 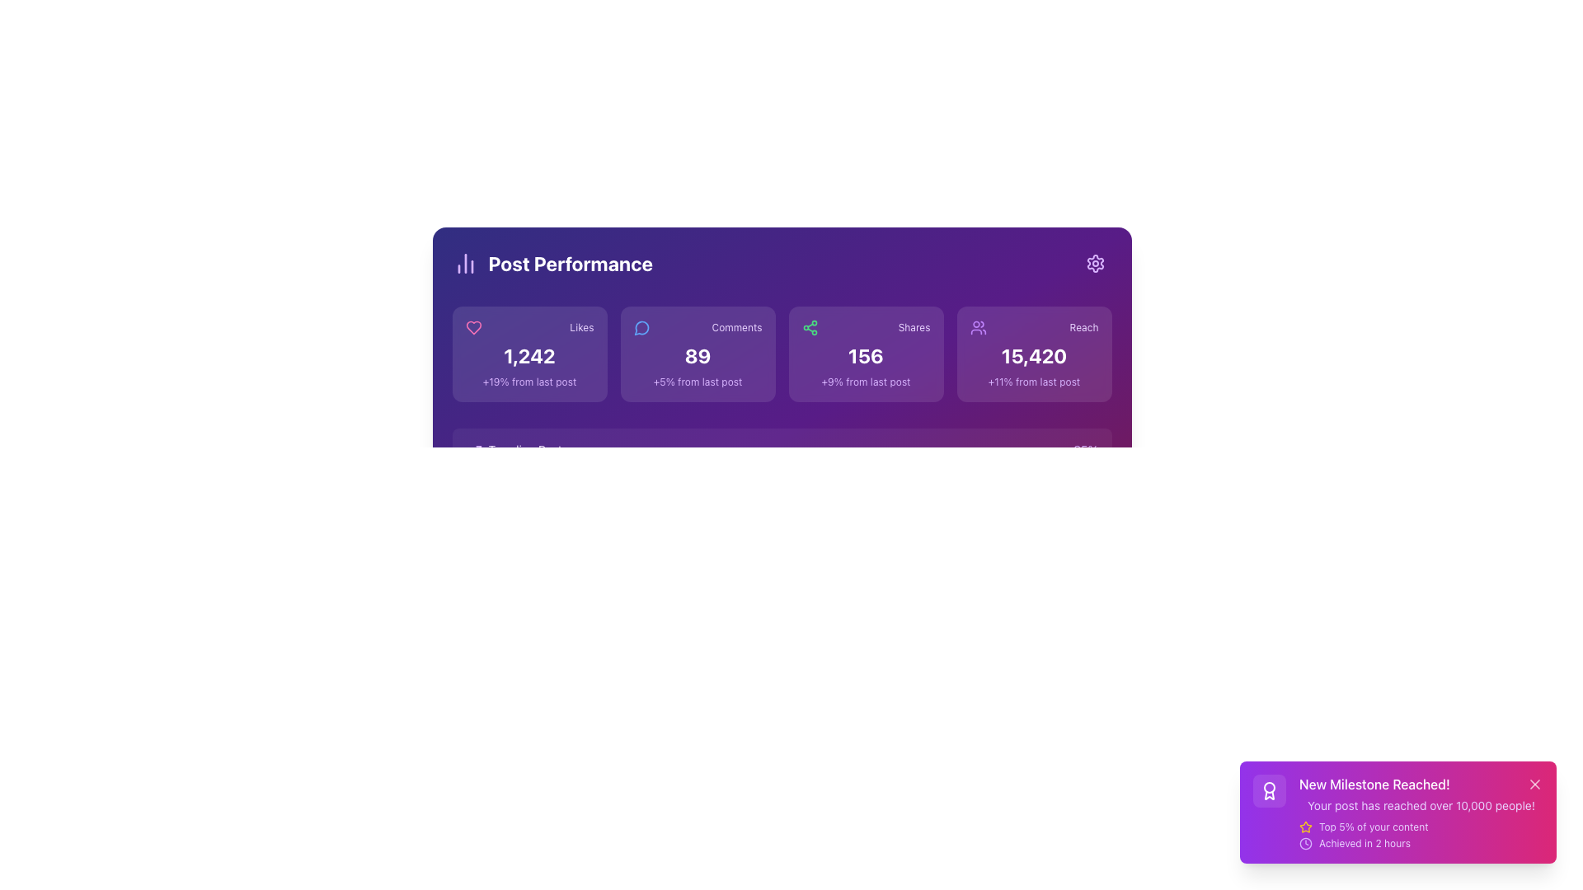 What do you see at coordinates (913, 327) in the screenshot?
I see `the text label element reading 'Shares', styled with a small font and light purple color, located in the upper right region of its respective performance statistics card` at bounding box center [913, 327].